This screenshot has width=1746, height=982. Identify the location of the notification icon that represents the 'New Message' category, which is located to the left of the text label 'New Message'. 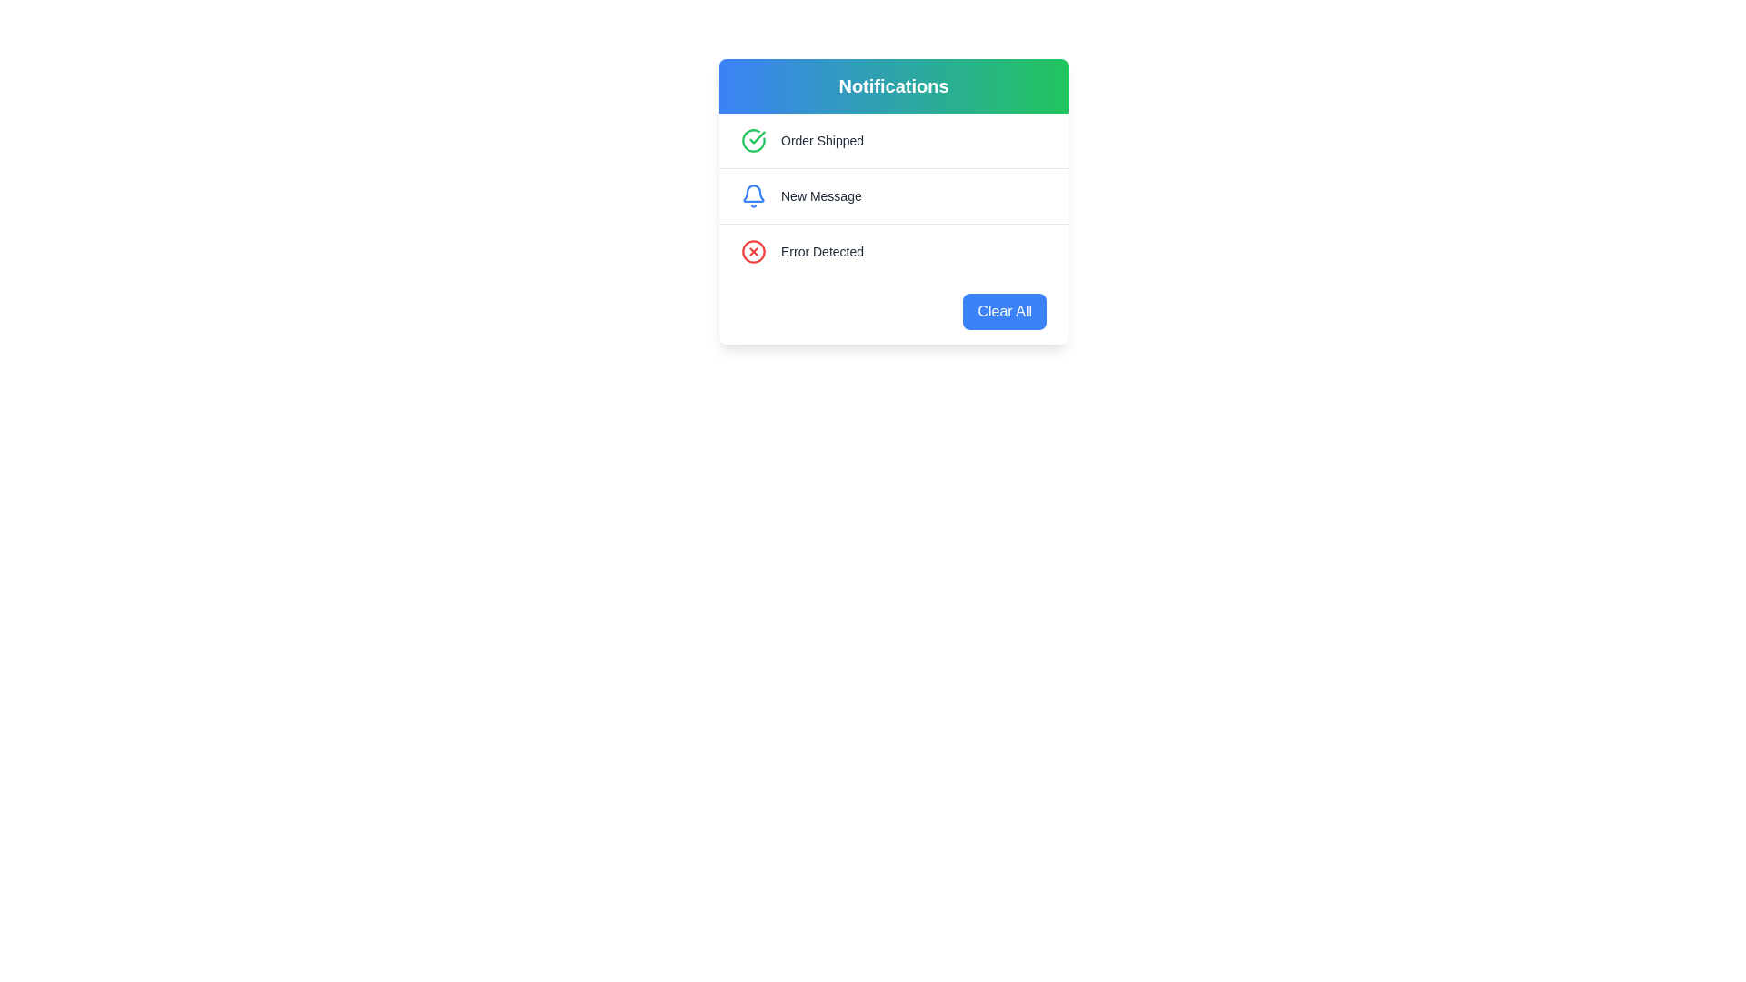
(754, 196).